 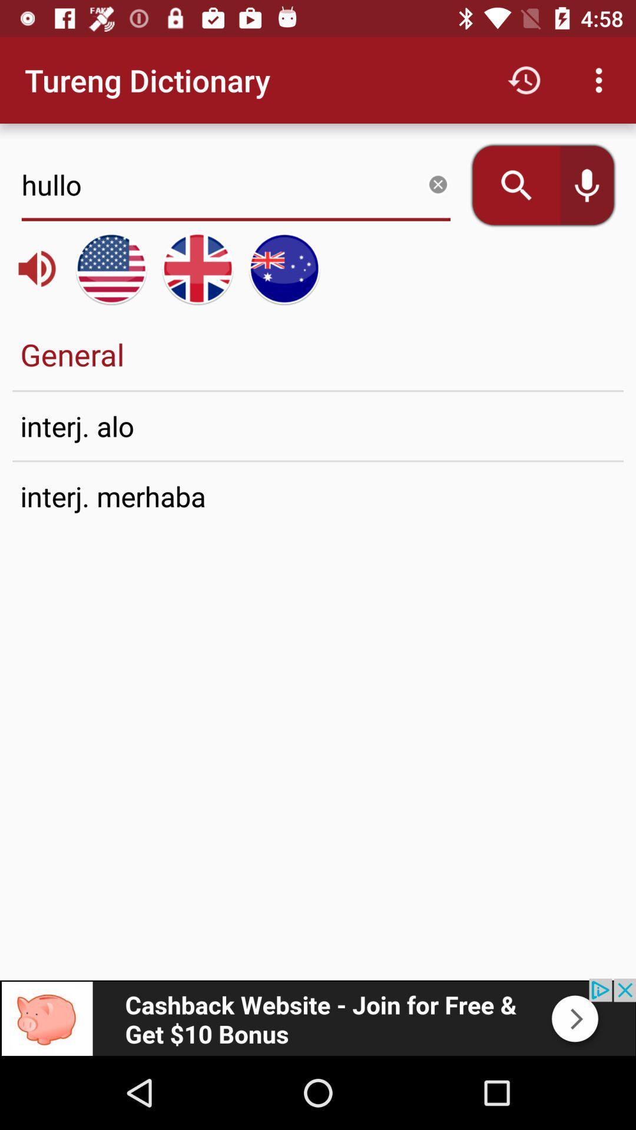 I want to click on advertisement, so click(x=318, y=1016).